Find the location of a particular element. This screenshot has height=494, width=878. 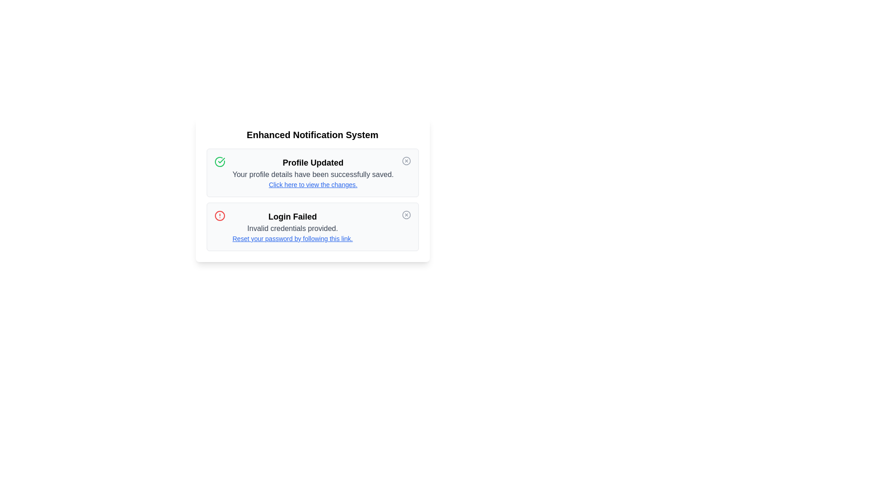

the link inside the alert with title Profile Updated is located at coordinates (313, 185).